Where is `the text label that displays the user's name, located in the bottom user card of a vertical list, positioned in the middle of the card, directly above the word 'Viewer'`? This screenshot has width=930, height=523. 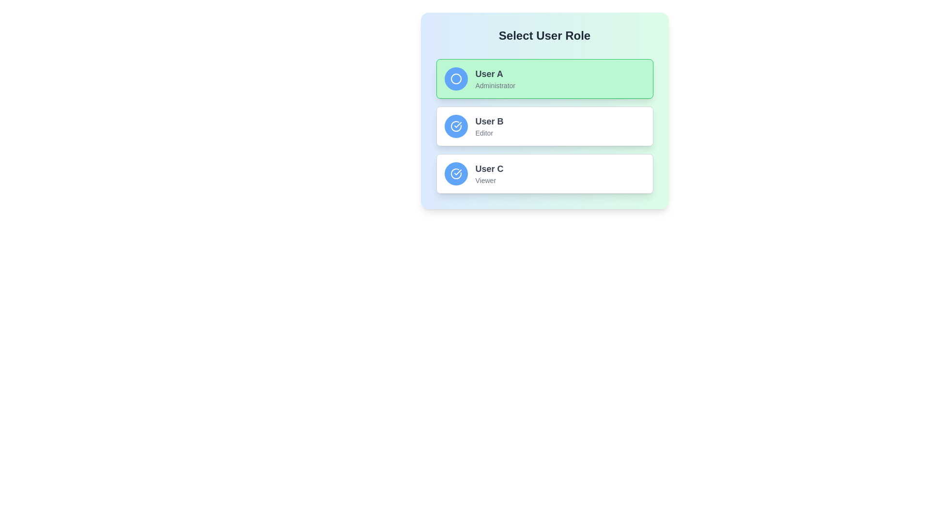
the text label that displays the user's name, located in the bottom user card of a vertical list, positioned in the middle of the card, directly above the word 'Viewer' is located at coordinates (489, 168).